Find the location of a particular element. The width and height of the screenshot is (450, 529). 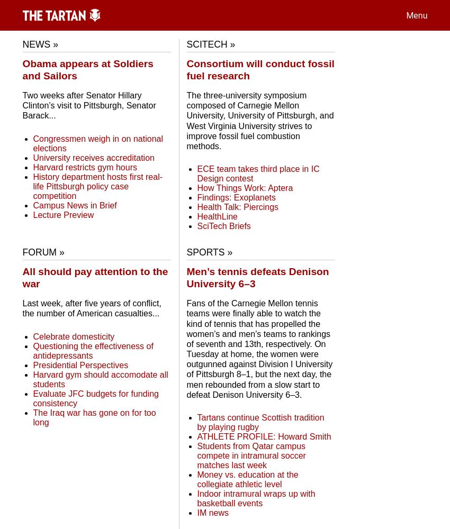

'Questioning the effectiveness of antidepressants' is located at coordinates (32, 350).